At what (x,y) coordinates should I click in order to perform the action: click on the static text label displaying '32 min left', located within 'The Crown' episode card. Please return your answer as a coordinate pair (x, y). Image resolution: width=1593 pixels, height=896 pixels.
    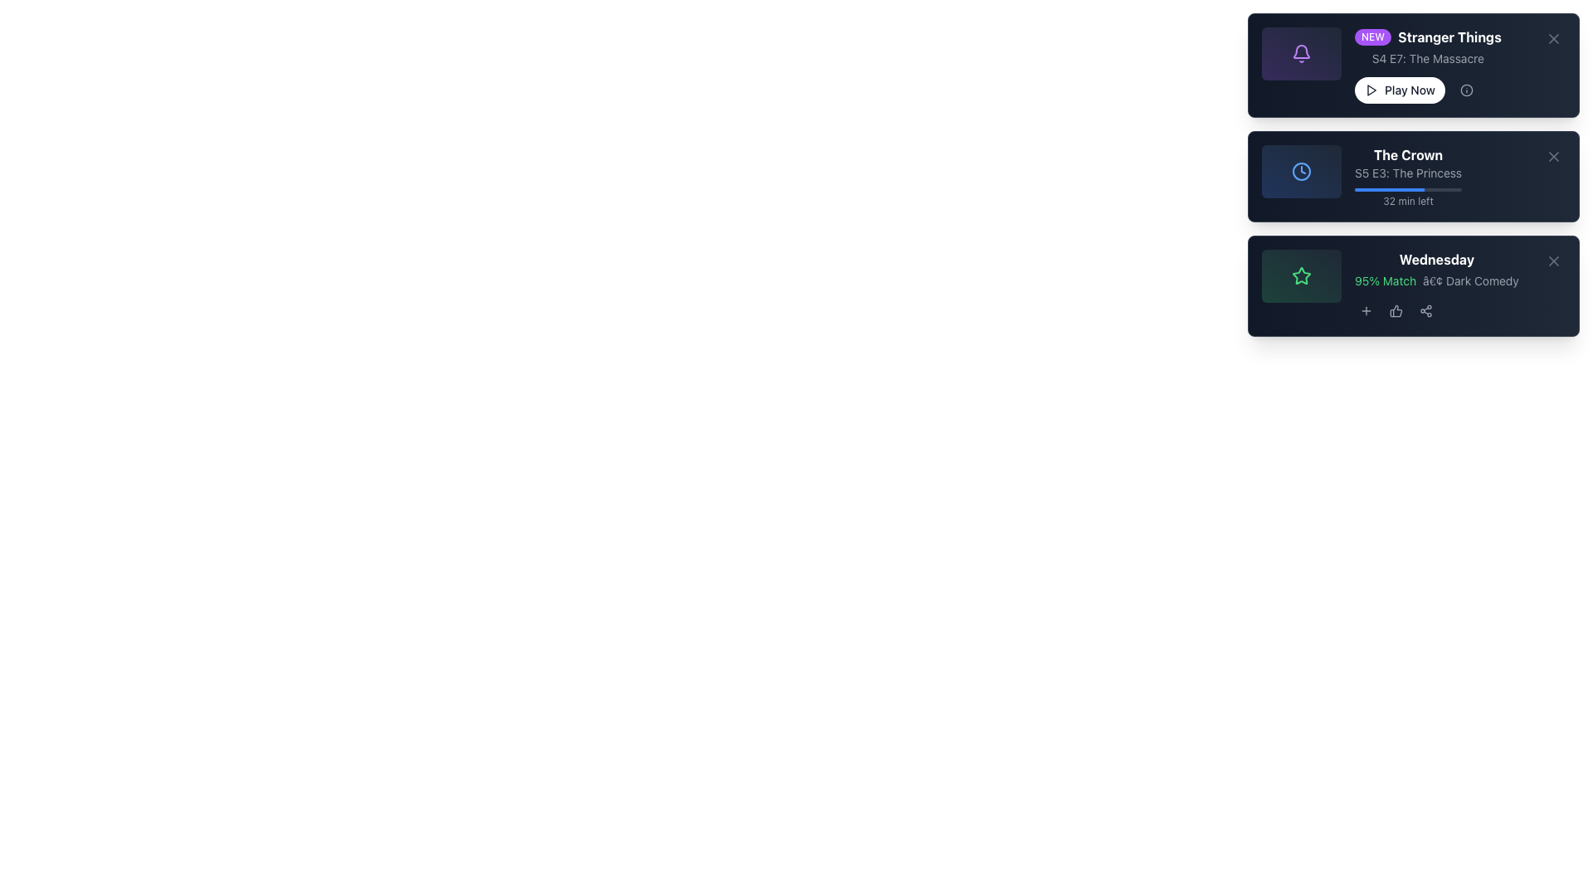
    Looking at the image, I should click on (1407, 201).